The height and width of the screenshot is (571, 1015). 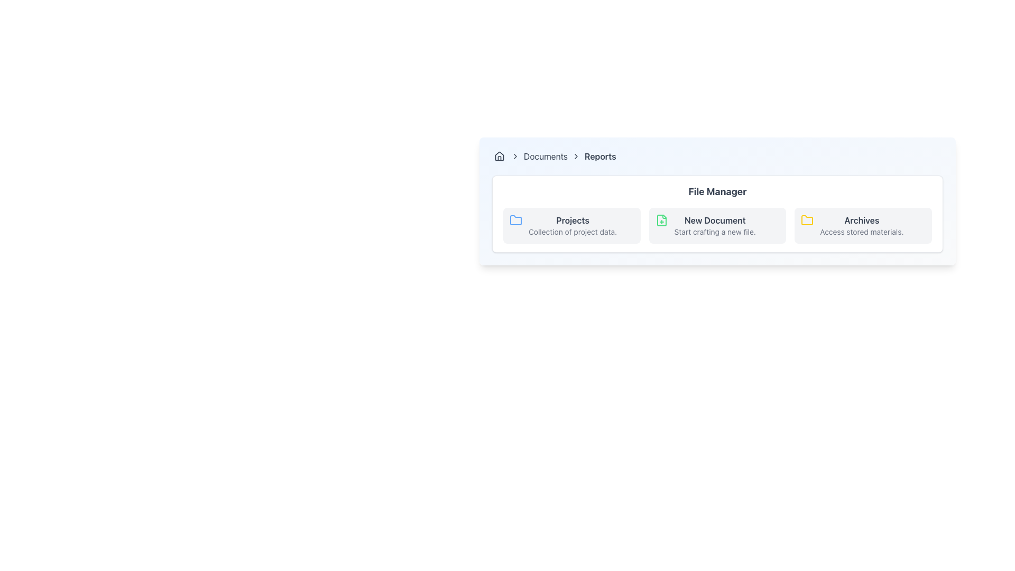 I want to click on the text label with the bold title 'New Document' and the description 'Start crafting a new file.' located in the center of the options under the 'File Manager' header, so click(x=715, y=225).